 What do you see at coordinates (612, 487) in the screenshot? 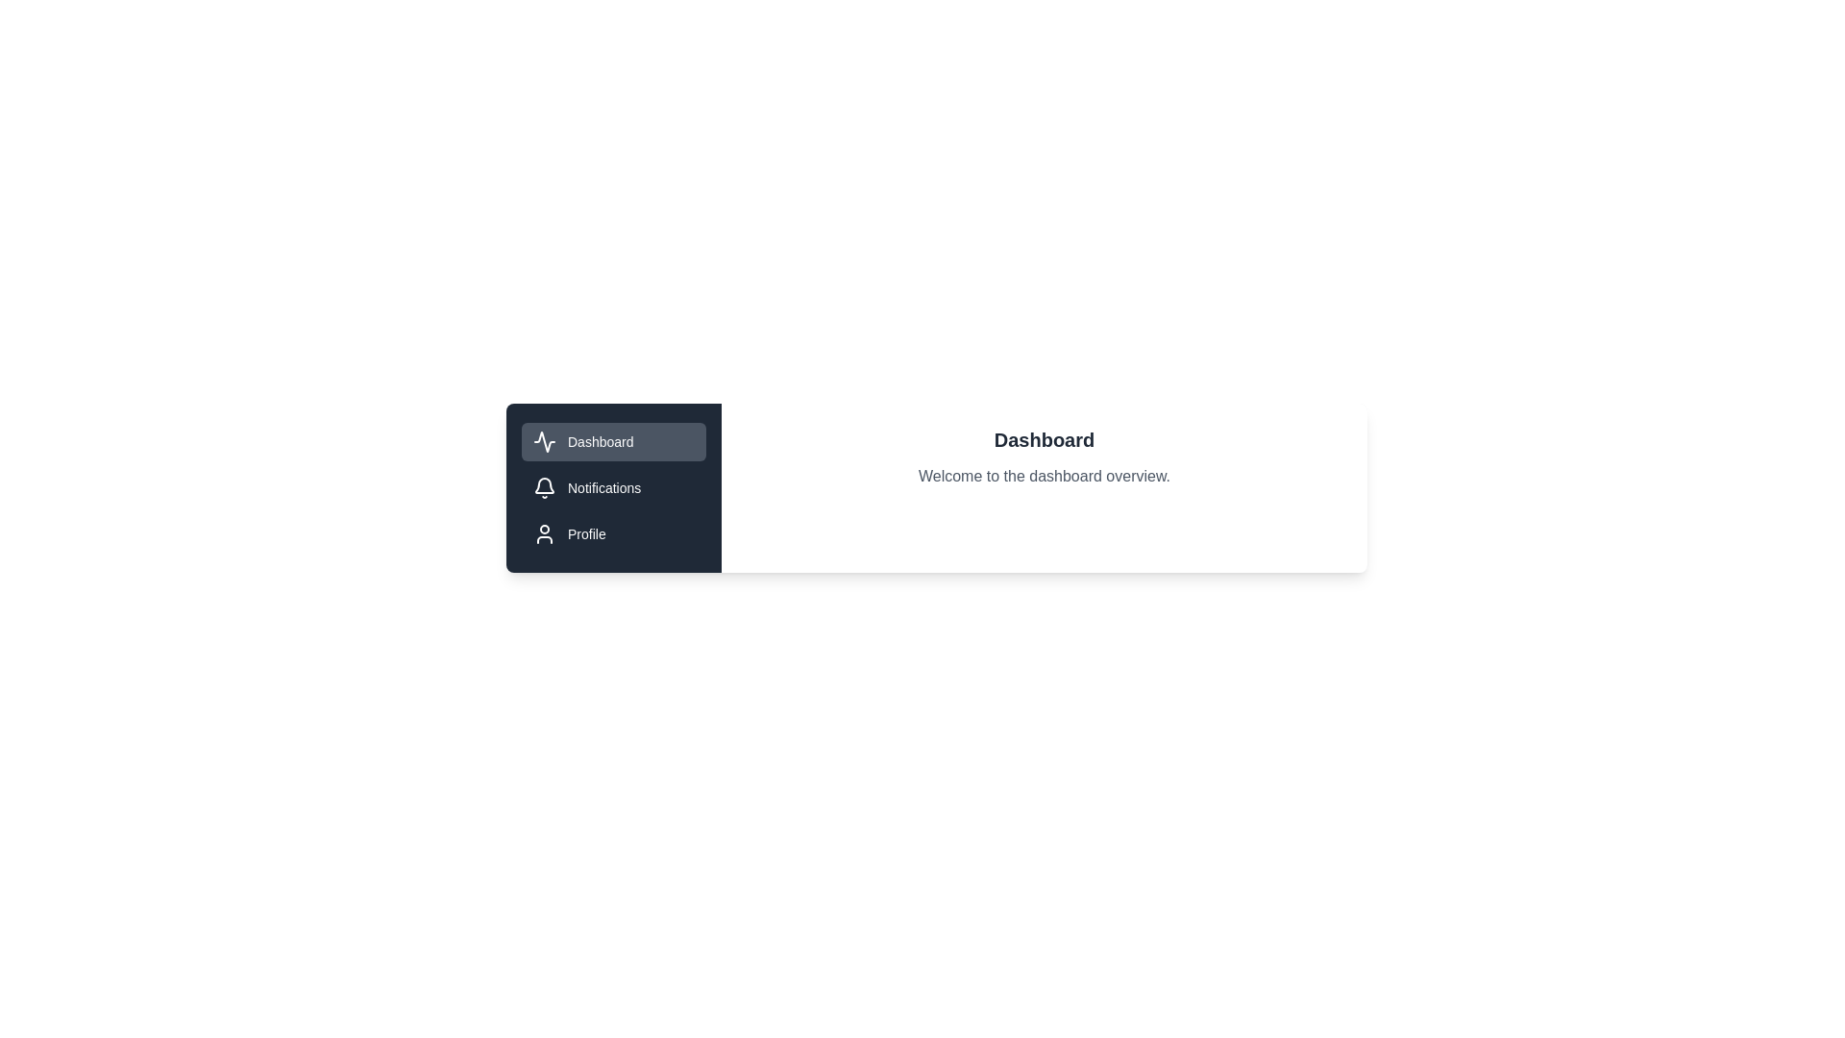
I see `the tab Notifications to view its content` at bounding box center [612, 487].